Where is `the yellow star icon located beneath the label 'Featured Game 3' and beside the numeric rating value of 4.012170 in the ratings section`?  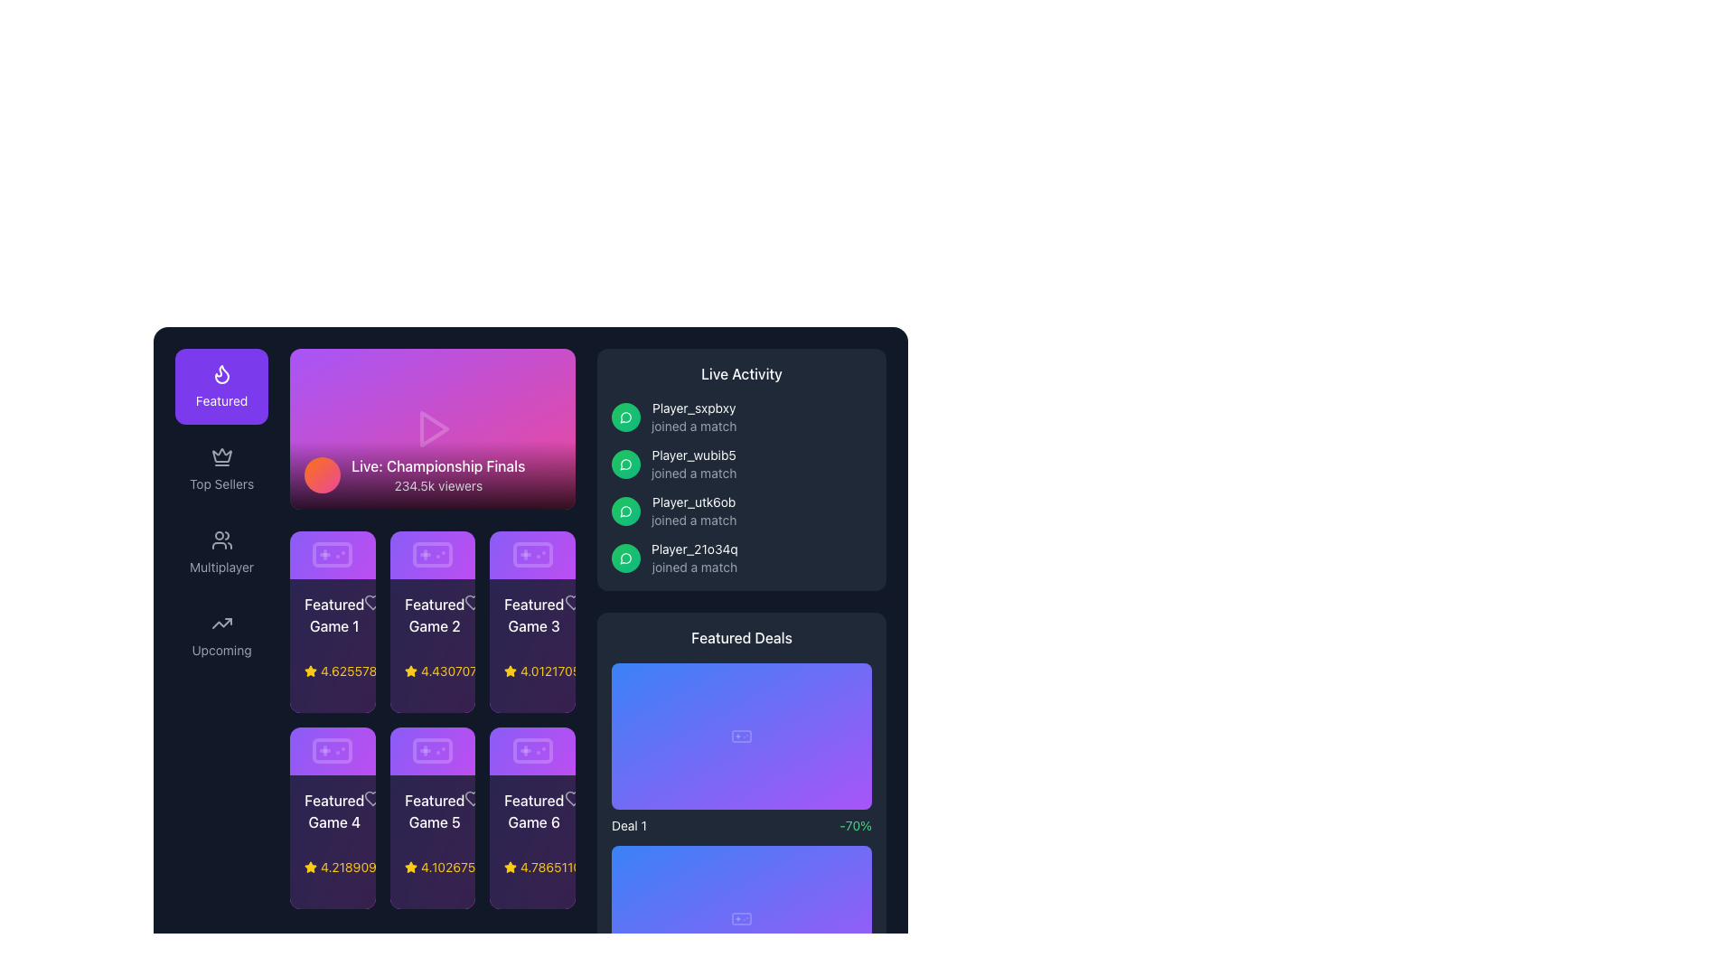
the yellow star icon located beneath the label 'Featured Game 3' and beside the numeric rating value of 4.012170 in the ratings section is located at coordinates (510, 671).